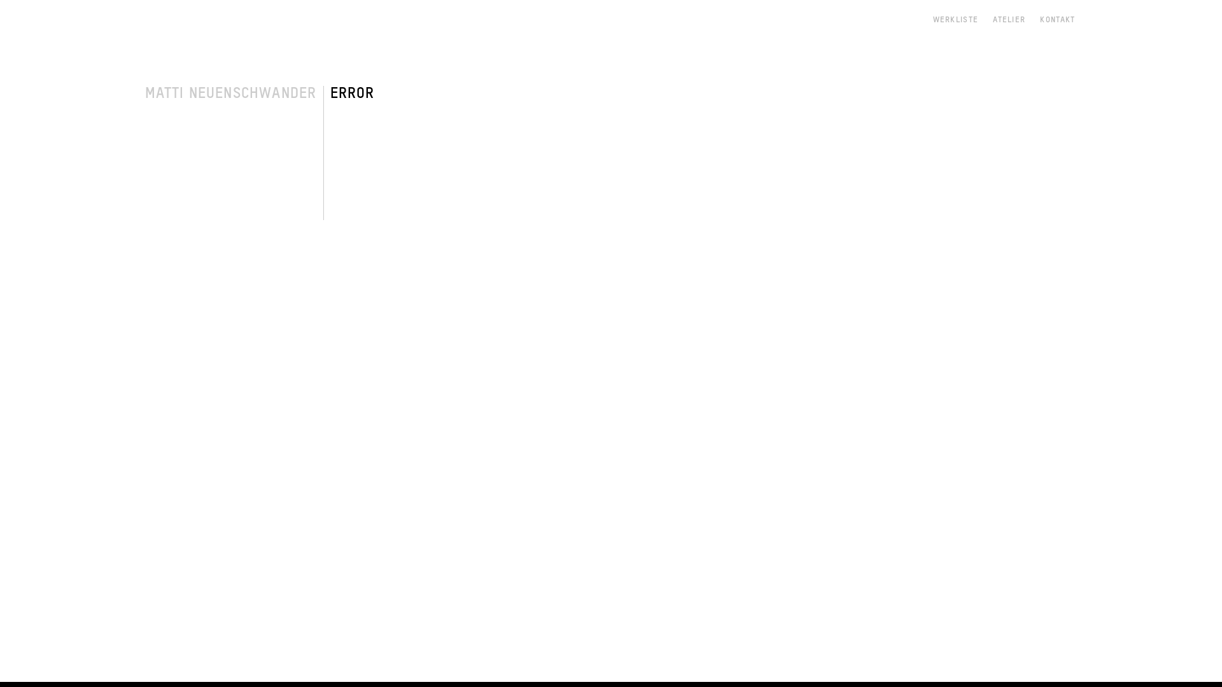  I want to click on 'KONTAKT', so click(1057, 20).